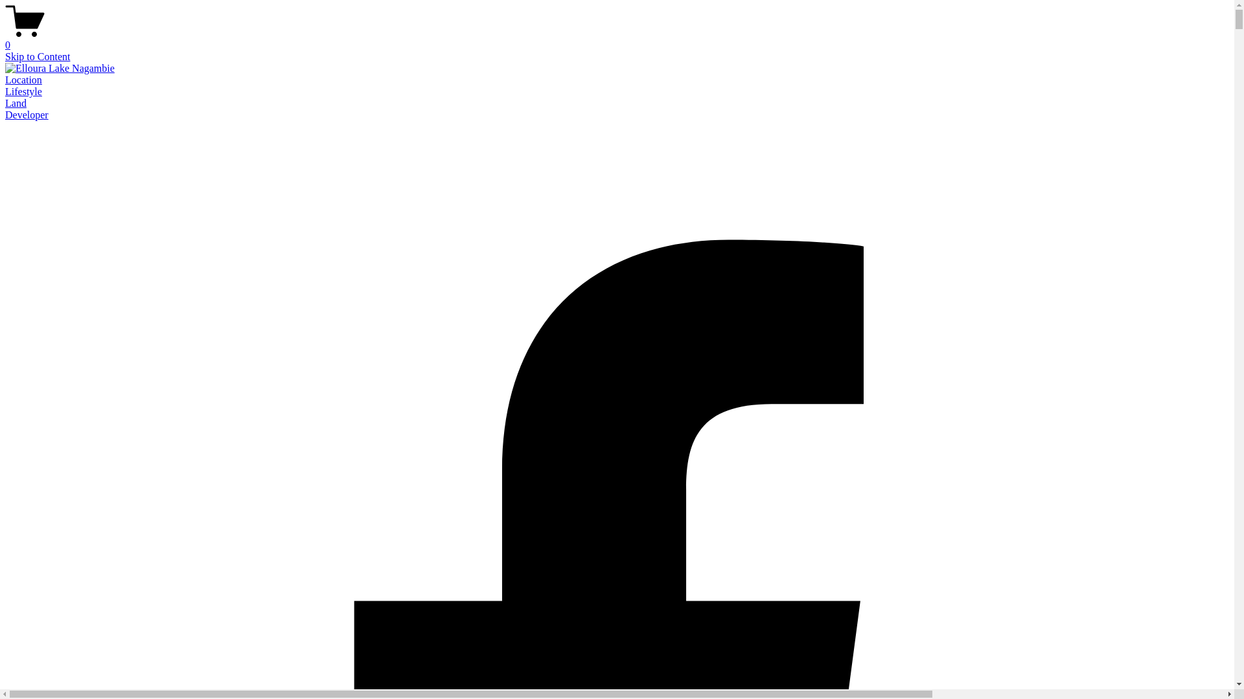 The image size is (1244, 699). I want to click on 'Developer', so click(5, 114).